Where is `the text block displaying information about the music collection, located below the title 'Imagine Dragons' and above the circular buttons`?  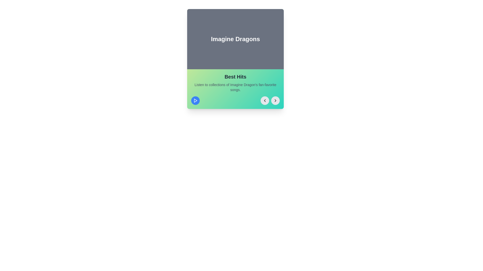
the text block displaying information about the music collection, located below the title 'Imagine Dragons' and above the circular buttons is located at coordinates (235, 89).